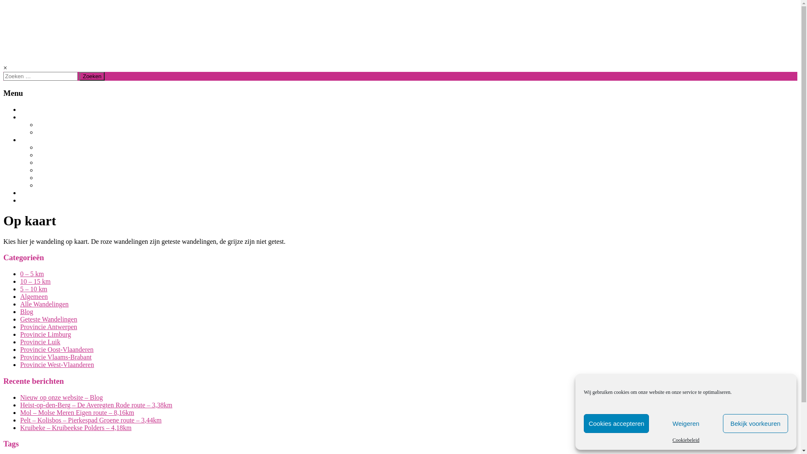  I want to click on 'WANDELINGEN', so click(20, 117).